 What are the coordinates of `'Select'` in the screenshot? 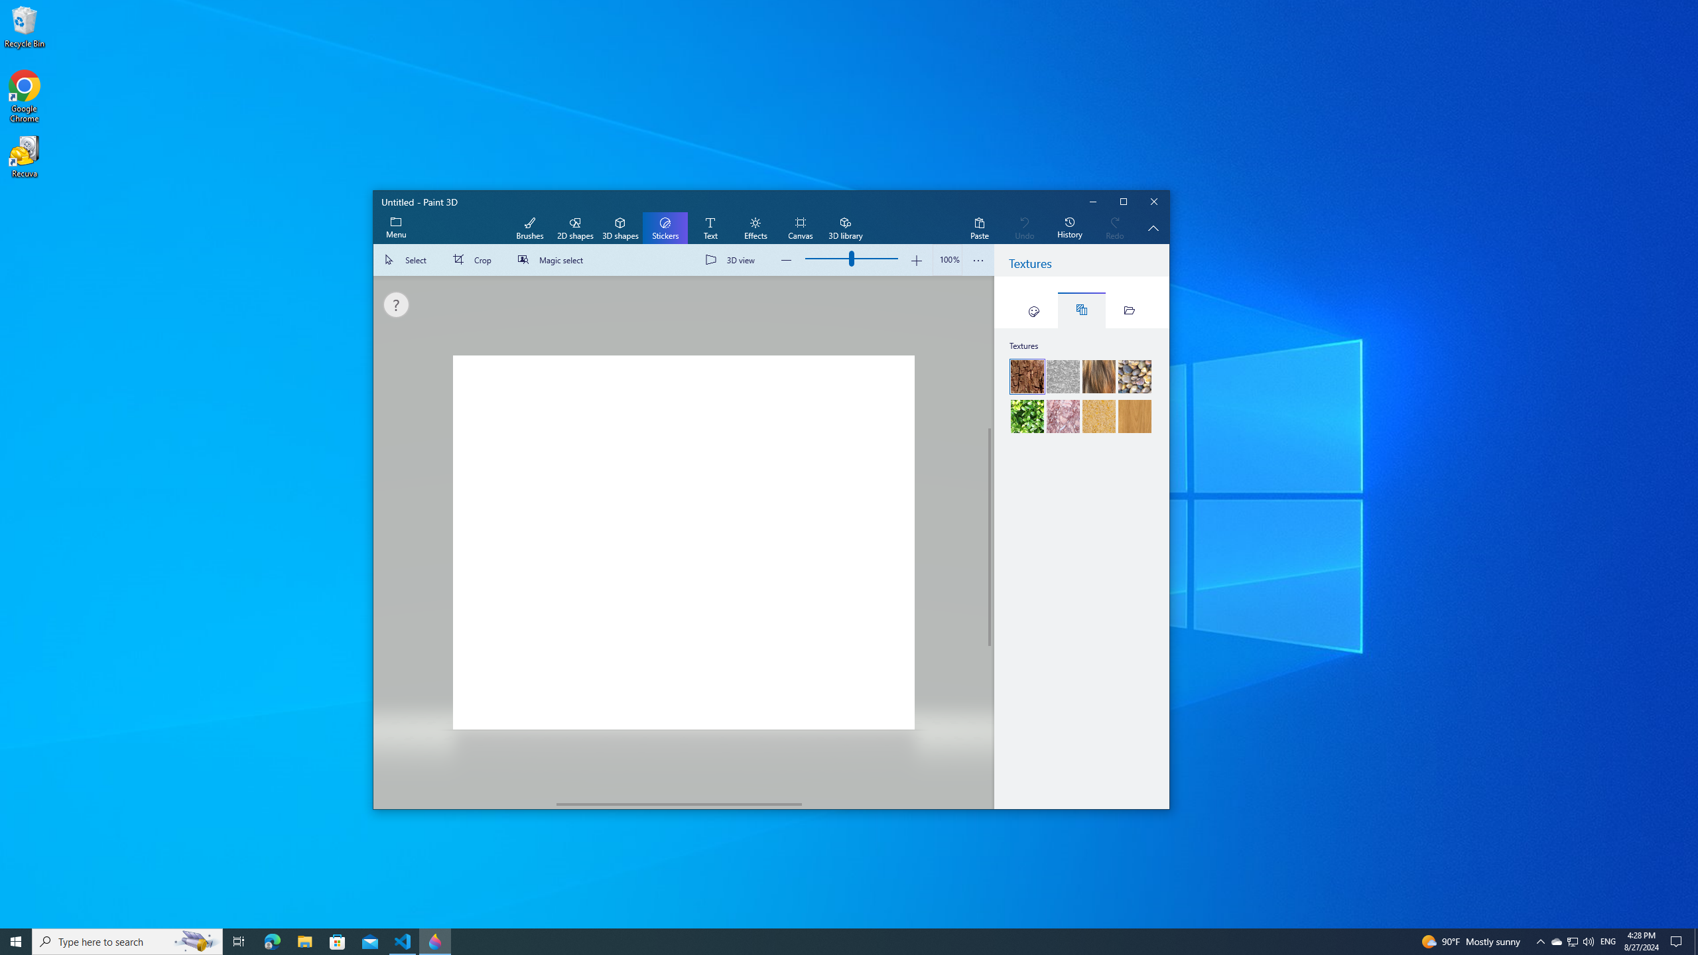 It's located at (408, 259).